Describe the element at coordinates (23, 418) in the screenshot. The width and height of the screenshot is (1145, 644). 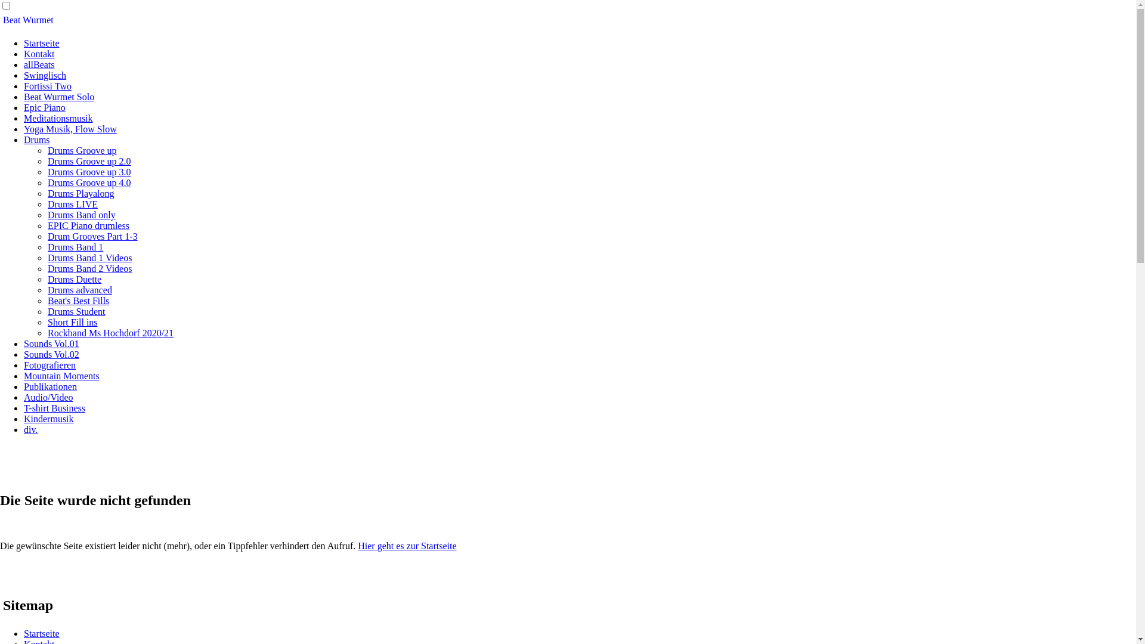
I see `'Kindermusik'` at that location.